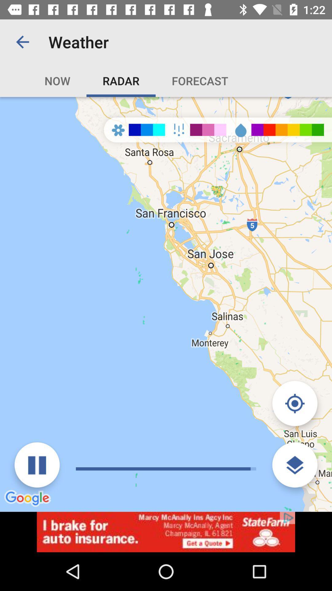 Image resolution: width=332 pixels, height=591 pixels. Describe the element at coordinates (294, 403) in the screenshot. I see `map` at that location.